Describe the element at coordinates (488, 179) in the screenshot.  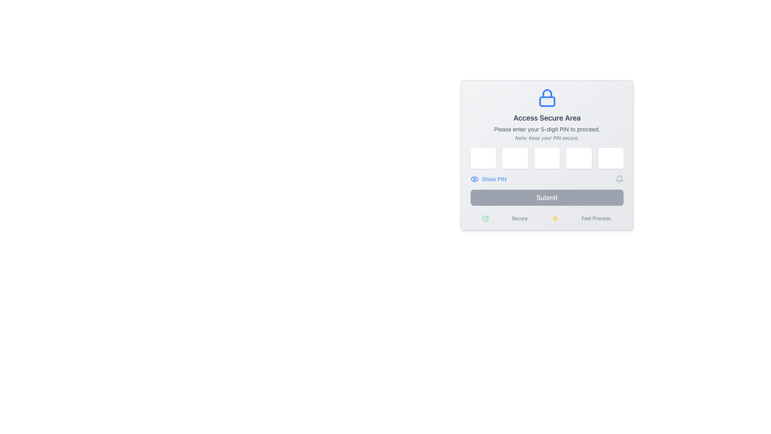
I see `the Button that toggles the visibility of the entered PIN code, located beneath the PIN code entry fields in the input form segment` at that location.